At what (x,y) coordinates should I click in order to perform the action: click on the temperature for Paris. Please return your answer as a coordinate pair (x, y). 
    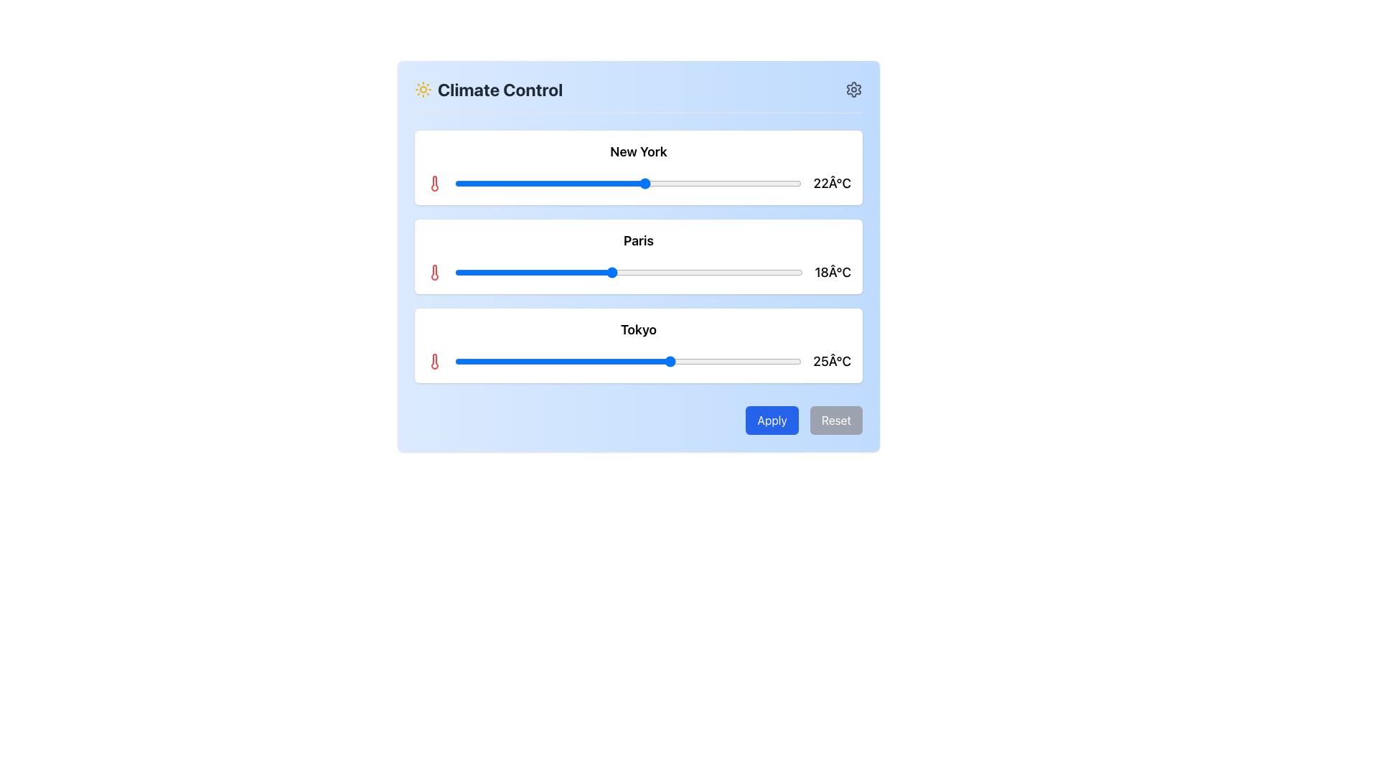
    Looking at the image, I should click on (498, 273).